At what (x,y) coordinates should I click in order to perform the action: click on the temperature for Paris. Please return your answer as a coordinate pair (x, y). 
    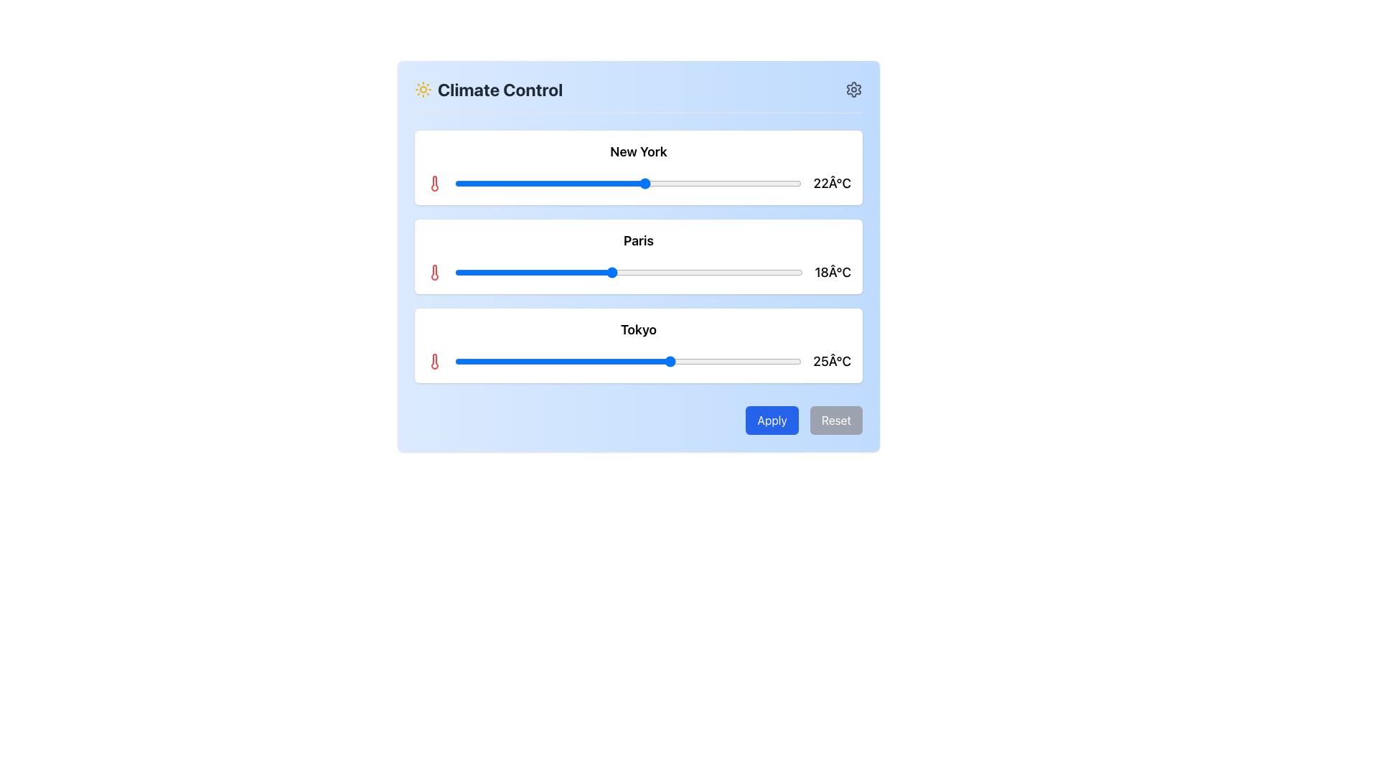
    Looking at the image, I should click on (498, 273).